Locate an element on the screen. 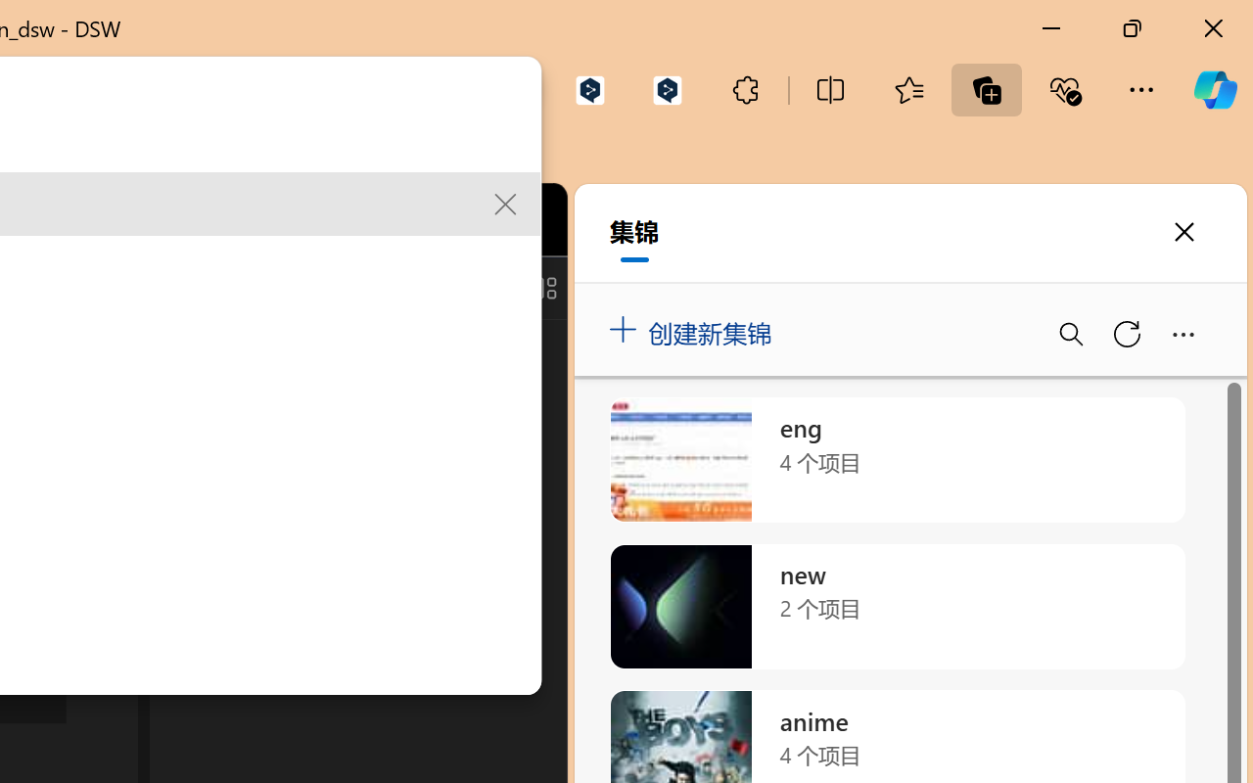  'Customize Layout...' is located at coordinates (542, 288).